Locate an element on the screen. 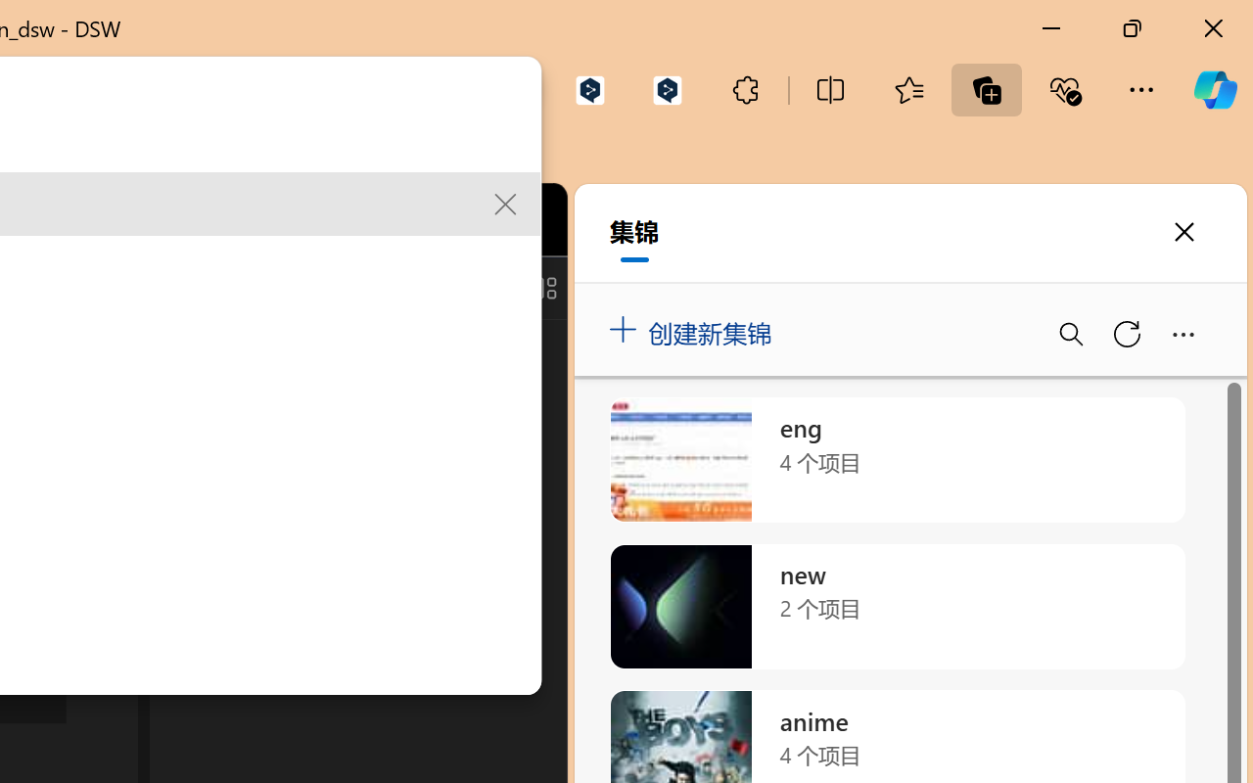  'Customize Layout...' is located at coordinates (542, 288).